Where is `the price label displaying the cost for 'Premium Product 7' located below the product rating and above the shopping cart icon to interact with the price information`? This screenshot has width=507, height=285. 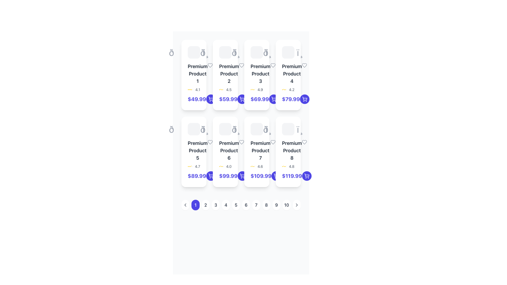
the price label displaying the cost for 'Premium Product 7' located below the product rating and above the shopping cart icon to interact with the price information is located at coordinates (257, 176).